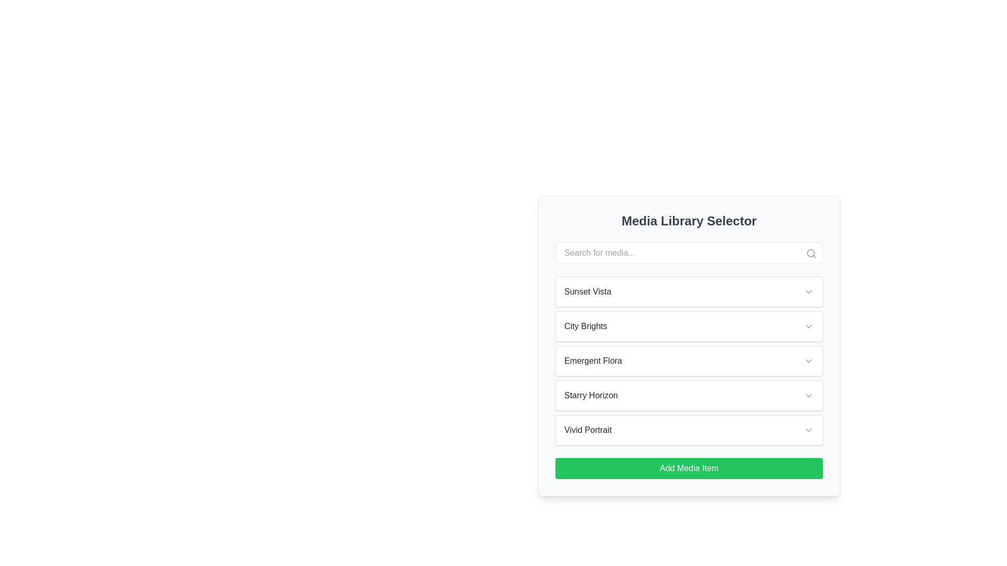  I want to click on the green 'Add Media Item' button located at the bottom center of the 'Media Library Selector' widget, so click(689, 468).